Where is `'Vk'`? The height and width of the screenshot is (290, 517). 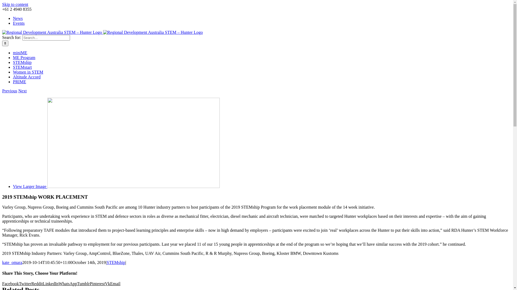
'Vk' is located at coordinates (107, 283).